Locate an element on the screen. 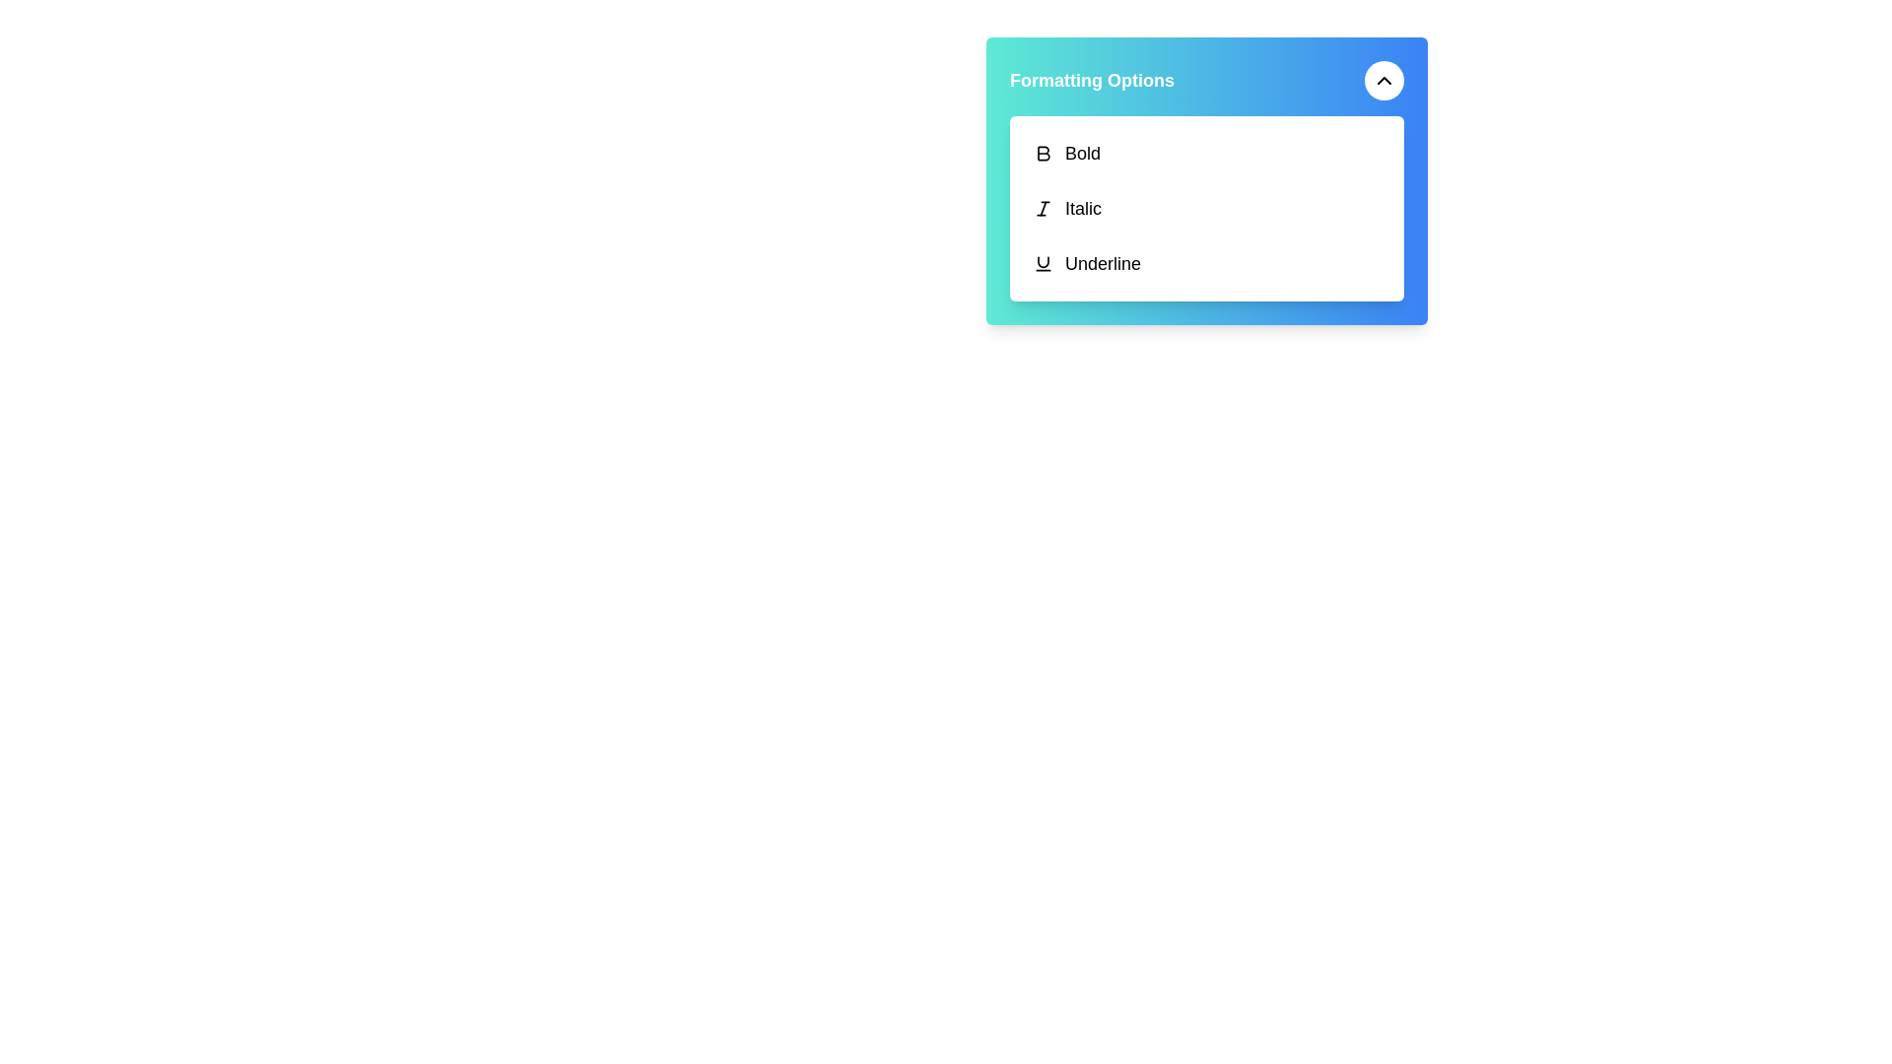  the bold formatting icon located in the upper-right section of the formatting options menu is located at coordinates (1043, 152).